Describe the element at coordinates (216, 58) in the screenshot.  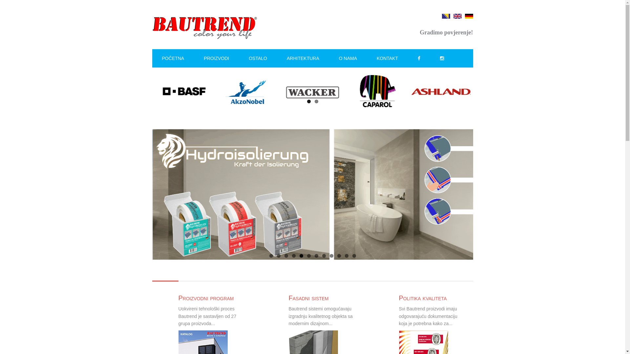
I see `'PROIZVODI'` at that location.